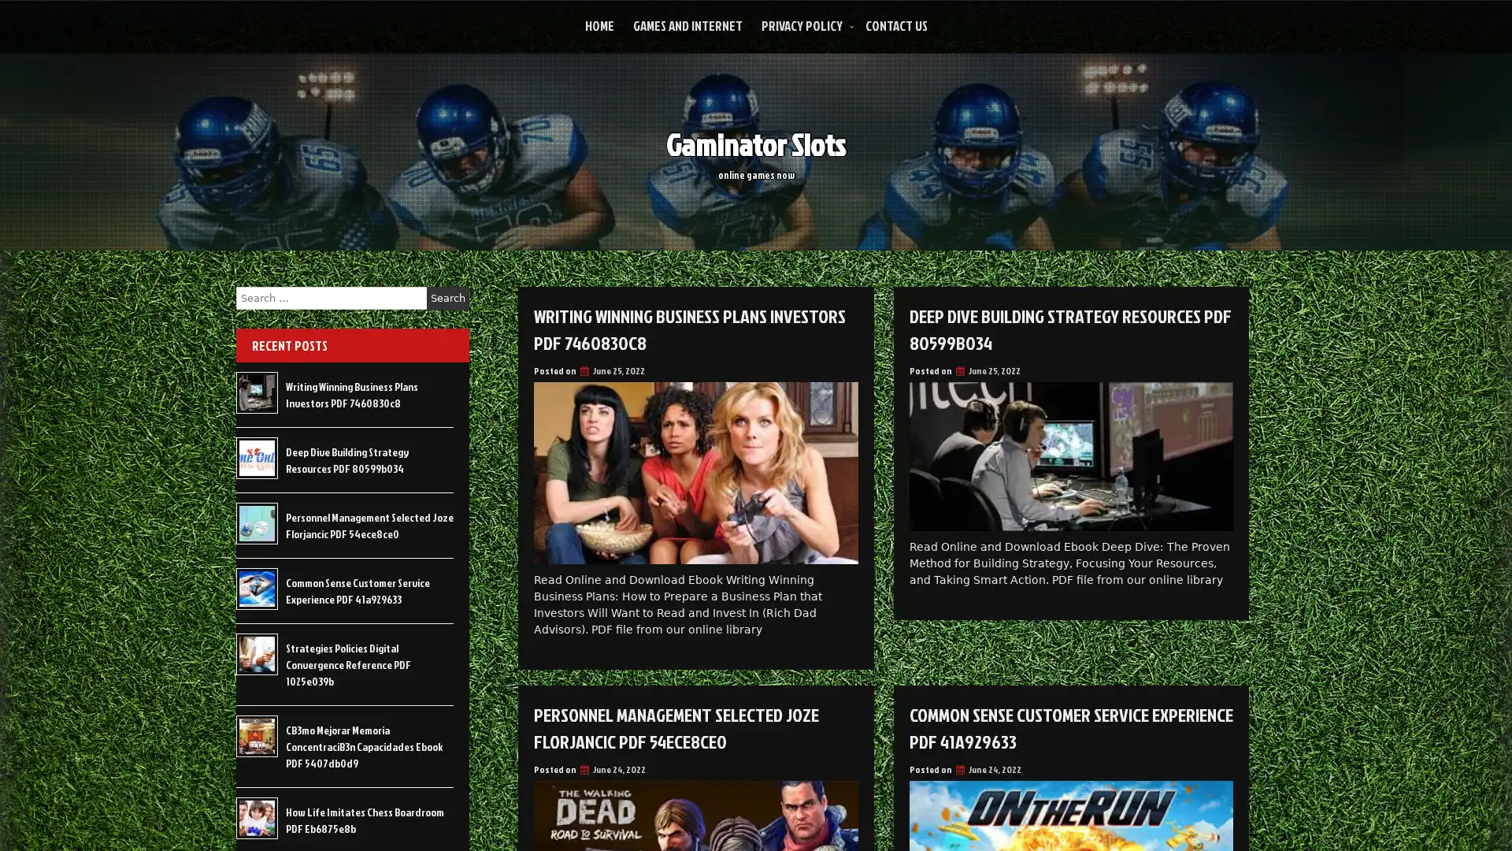 The image size is (1512, 851). Describe the element at coordinates (447, 298) in the screenshot. I see `Search` at that location.